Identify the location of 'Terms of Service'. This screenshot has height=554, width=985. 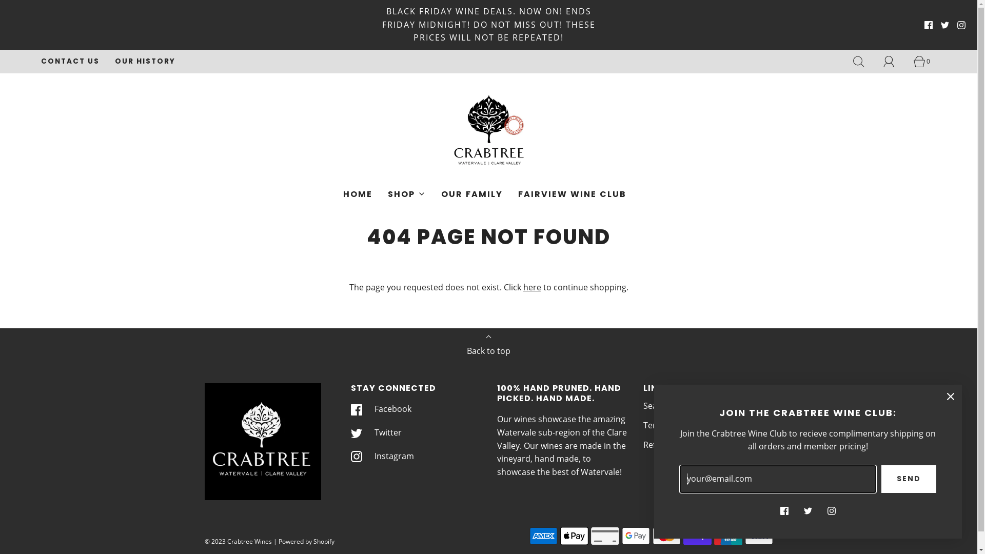
(642, 425).